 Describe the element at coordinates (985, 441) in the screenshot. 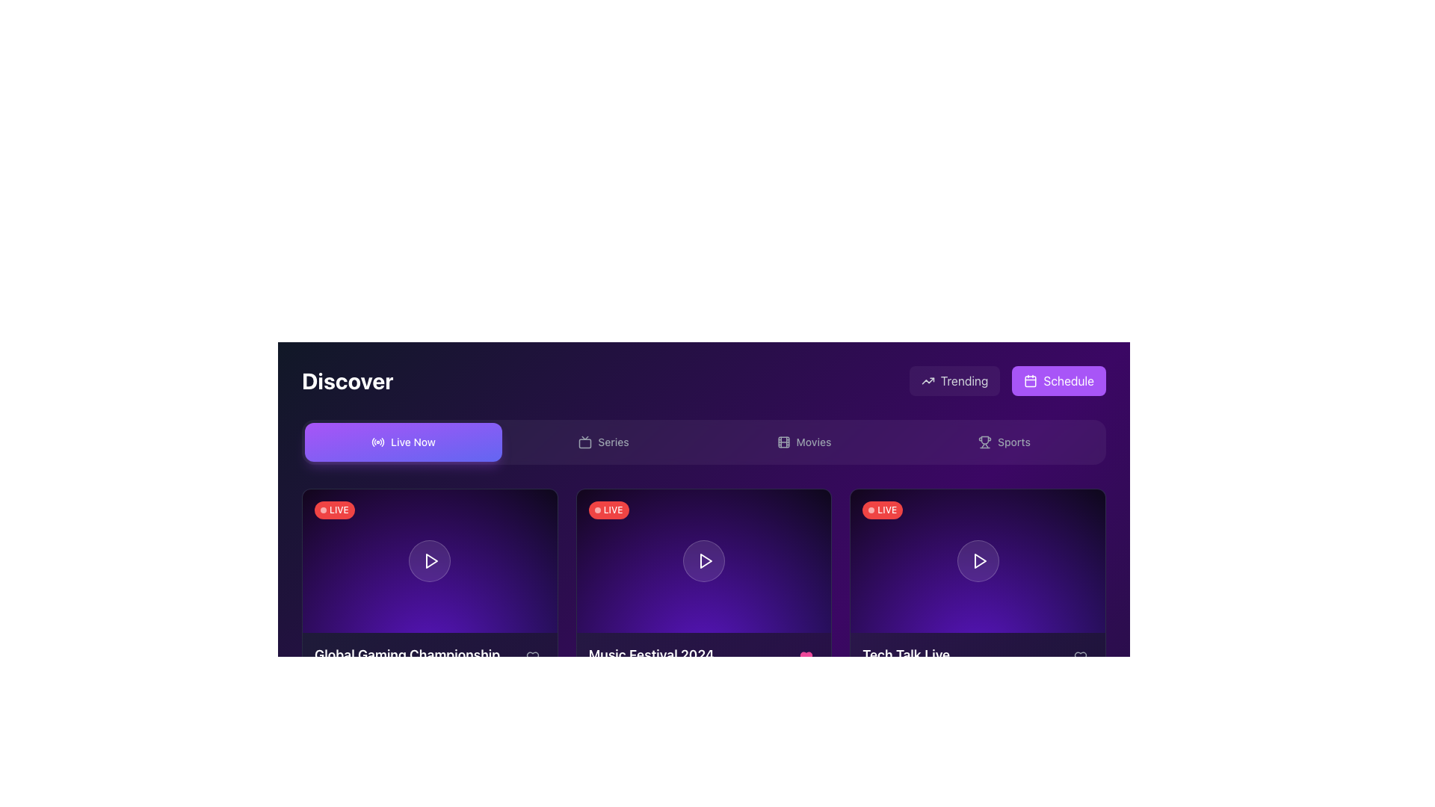

I see `the trophy icon, which is styled in a minimalistic manner with a thin outline and no inner fill, located within the horizontally oriented purple button labeled 'Sports'` at that location.